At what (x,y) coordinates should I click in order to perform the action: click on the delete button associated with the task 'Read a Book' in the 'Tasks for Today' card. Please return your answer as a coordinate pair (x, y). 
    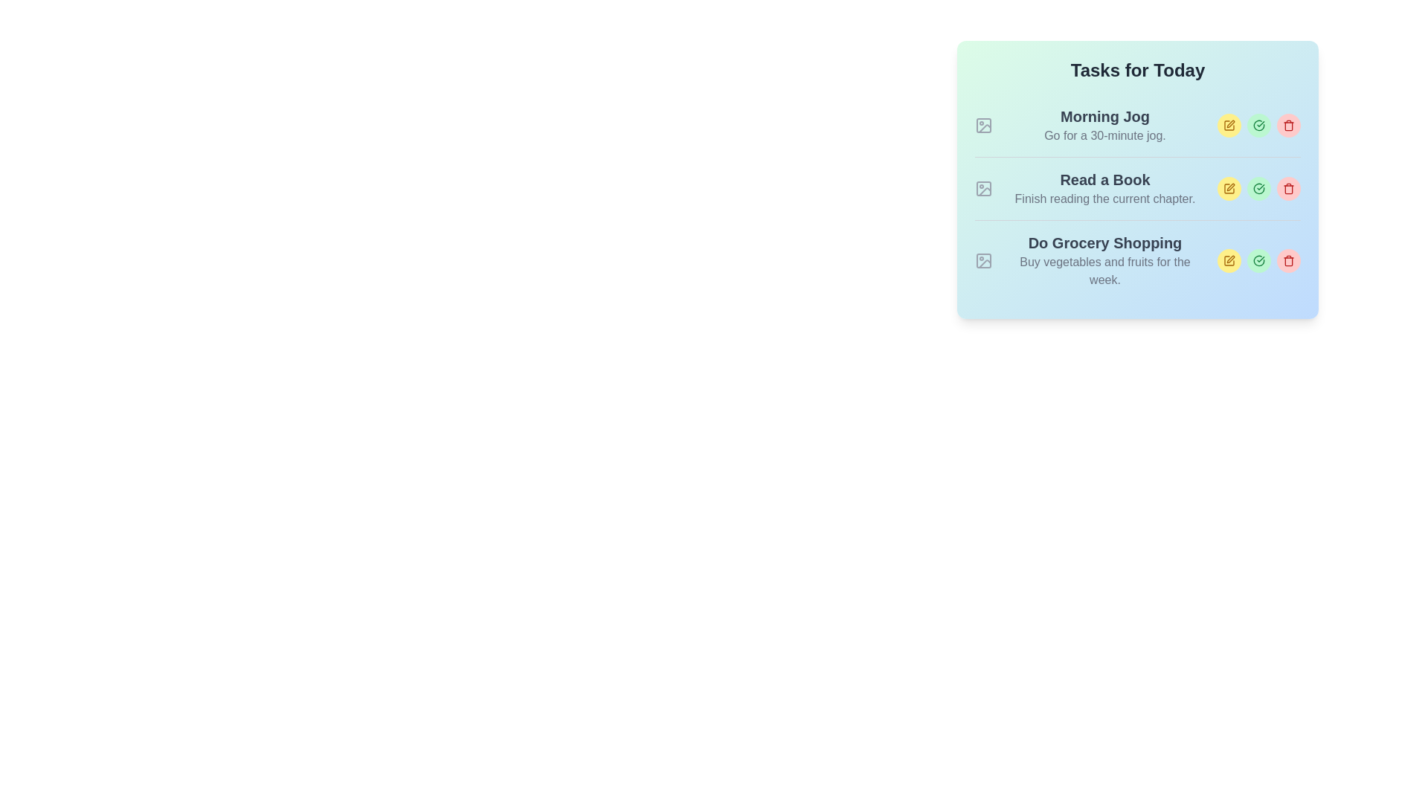
    Looking at the image, I should click on (1287, 188).